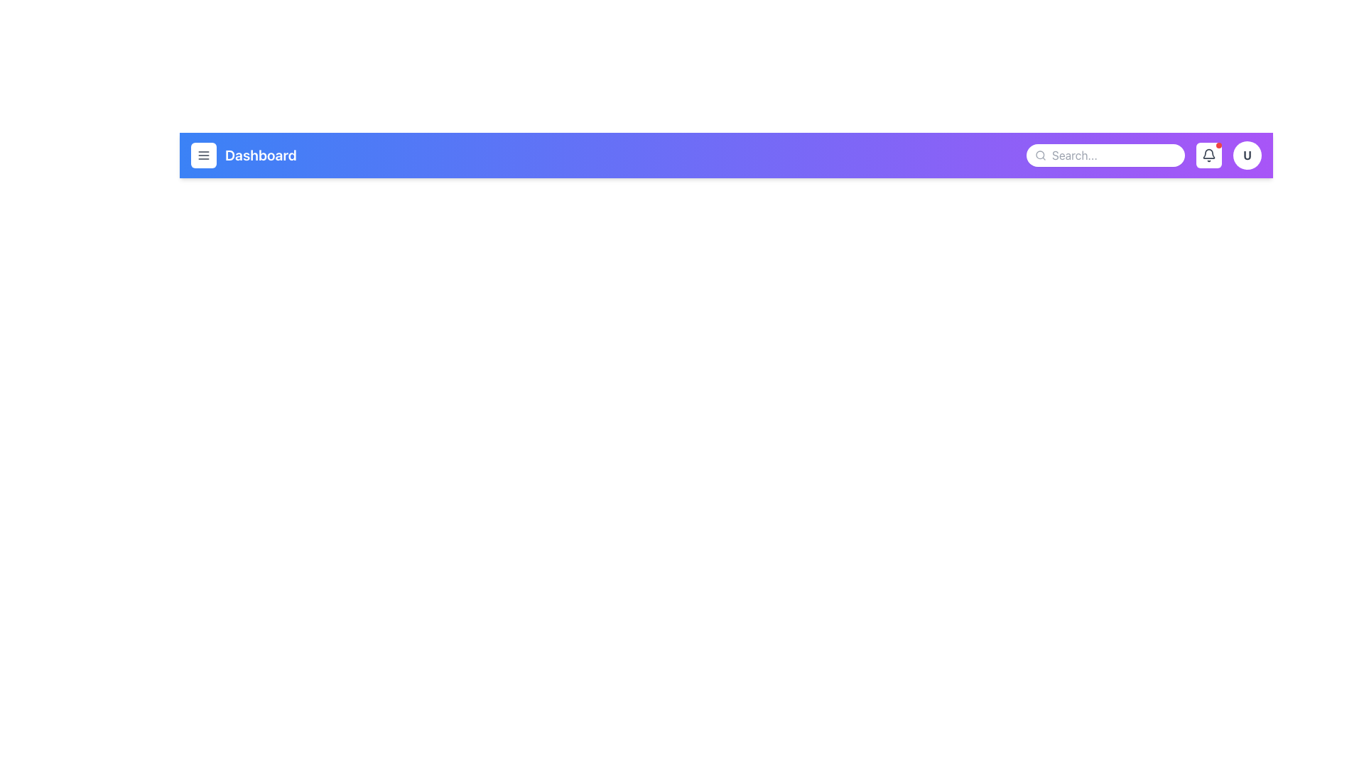 The image size is (1364, 767). I want to click on on the Avatar or Profile Placeholder located on the right edge of the top navigation bar, which serves as an entry point for accessing user-related actions, so click(1247, 156).